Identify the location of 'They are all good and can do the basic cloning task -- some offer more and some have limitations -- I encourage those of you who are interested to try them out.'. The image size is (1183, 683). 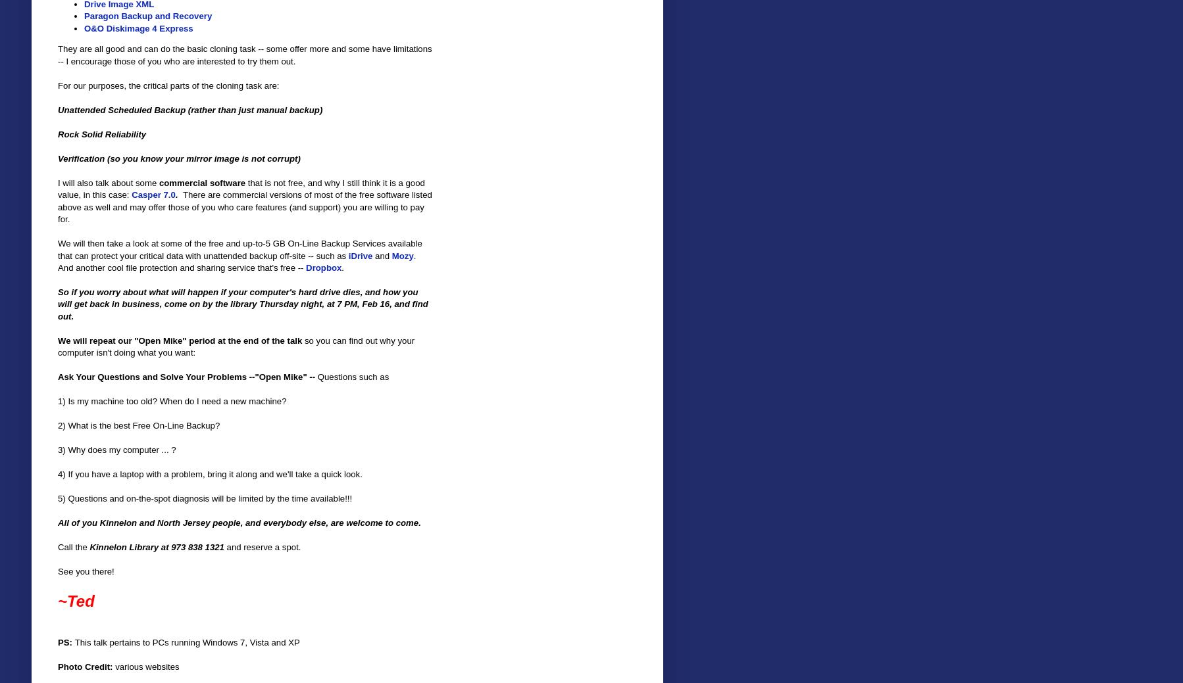
(244, 54).